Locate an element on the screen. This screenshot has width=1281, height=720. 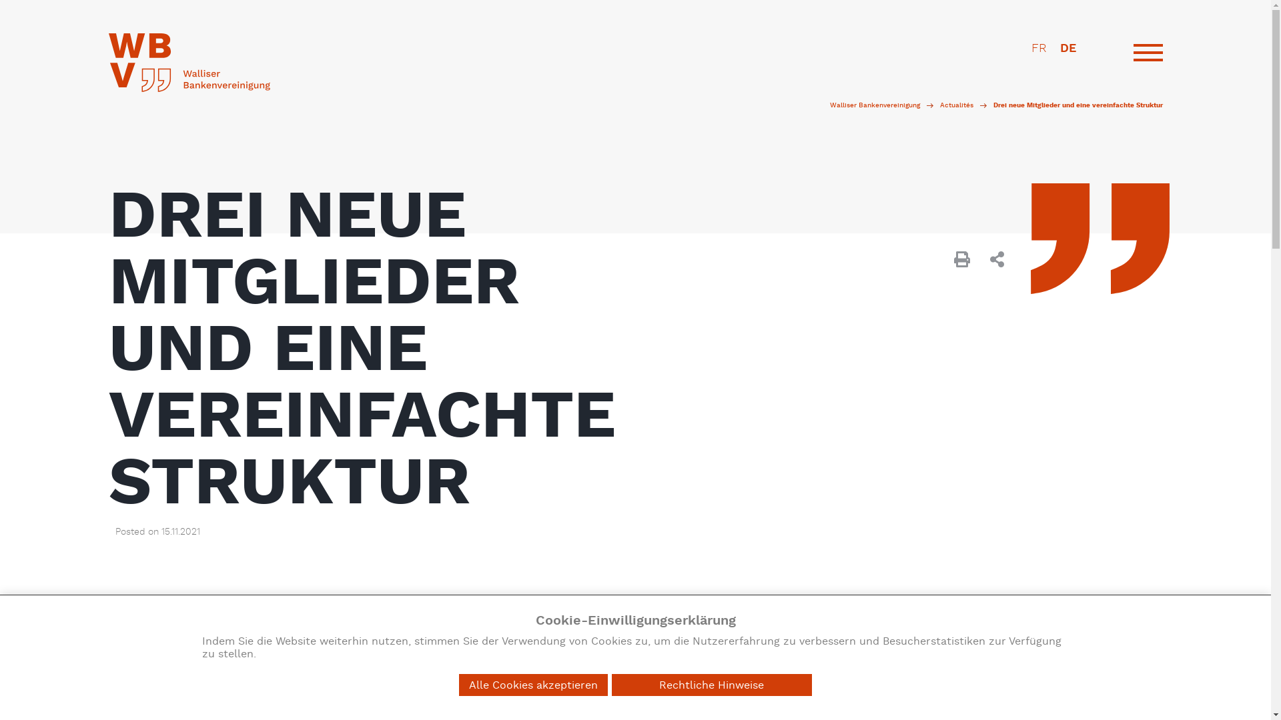
'Rechtliche Hinweise' is located at coordinates (711, 685).